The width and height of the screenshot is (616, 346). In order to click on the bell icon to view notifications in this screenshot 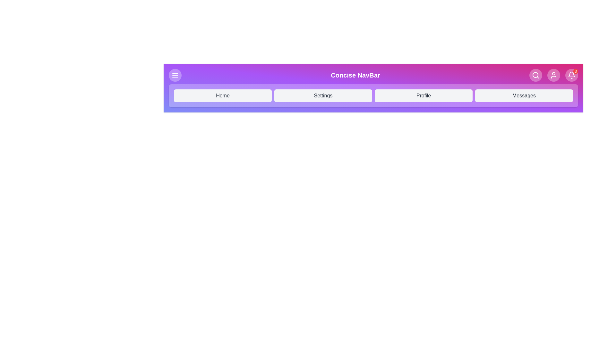, I will do `click(571, 75)`.